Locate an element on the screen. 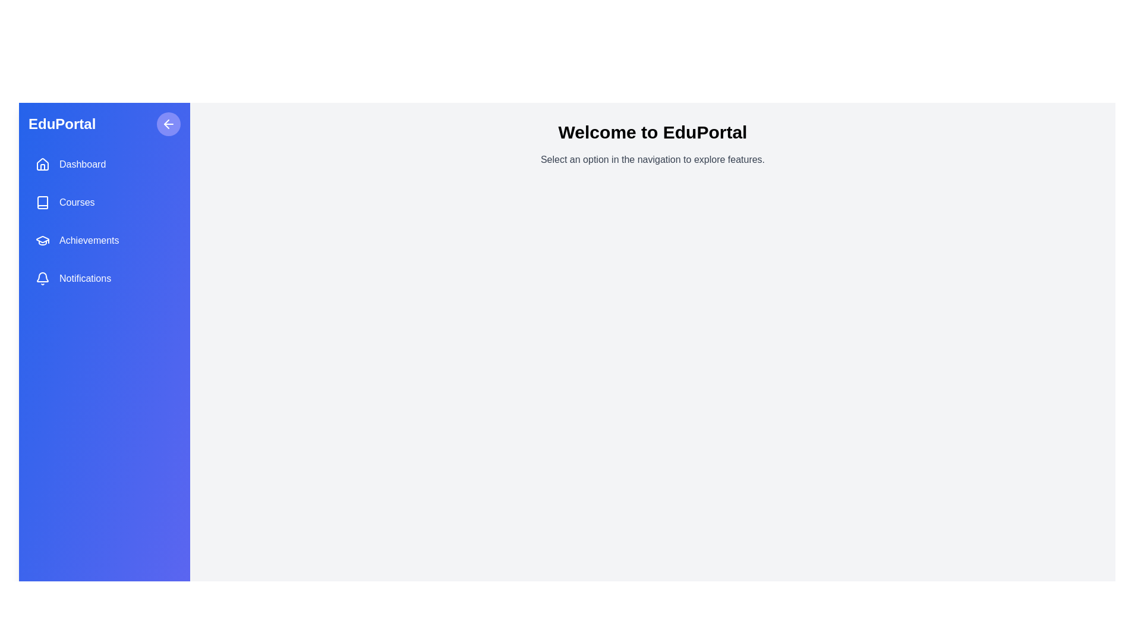 This screenshot has height=642, width=1141. the menu item Notifications to select it is located at coordinates (105, 279).